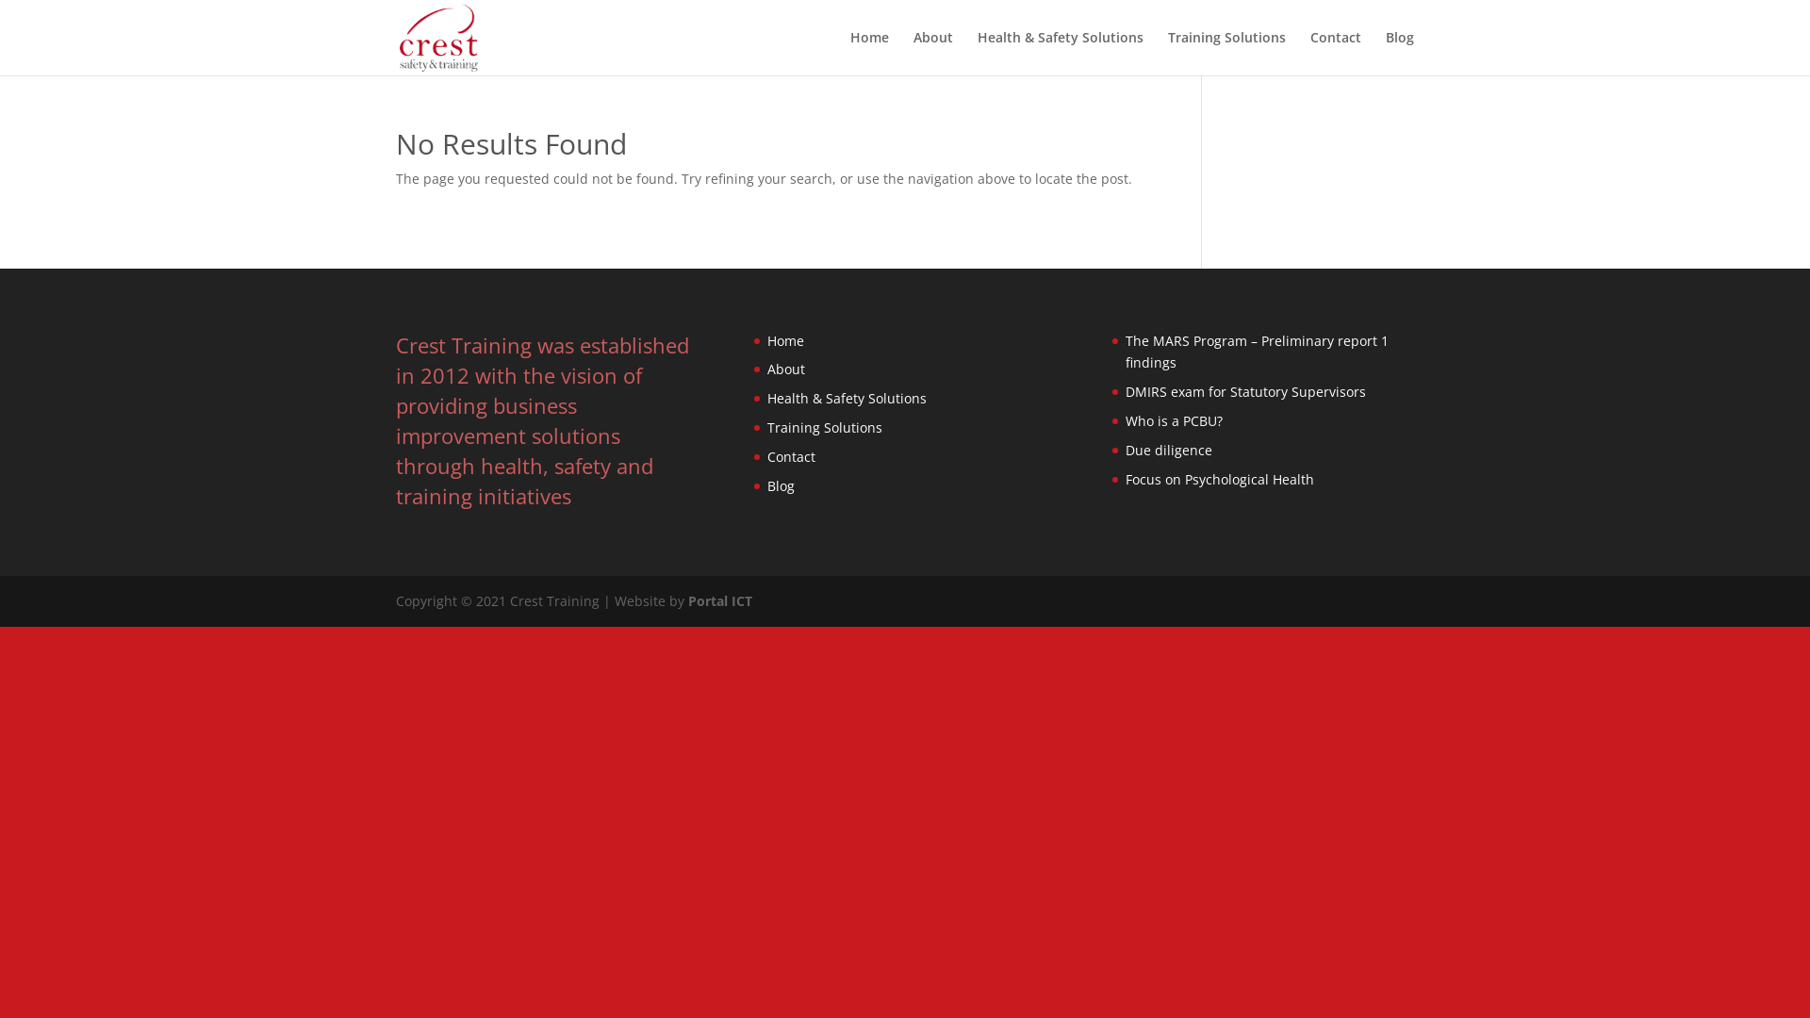 This screenshot has width=1810, height=1018. What do you see at coordinates (1399, 52) in the screenshot?
I see `'Blog'` at bounding box center [1399, 52].